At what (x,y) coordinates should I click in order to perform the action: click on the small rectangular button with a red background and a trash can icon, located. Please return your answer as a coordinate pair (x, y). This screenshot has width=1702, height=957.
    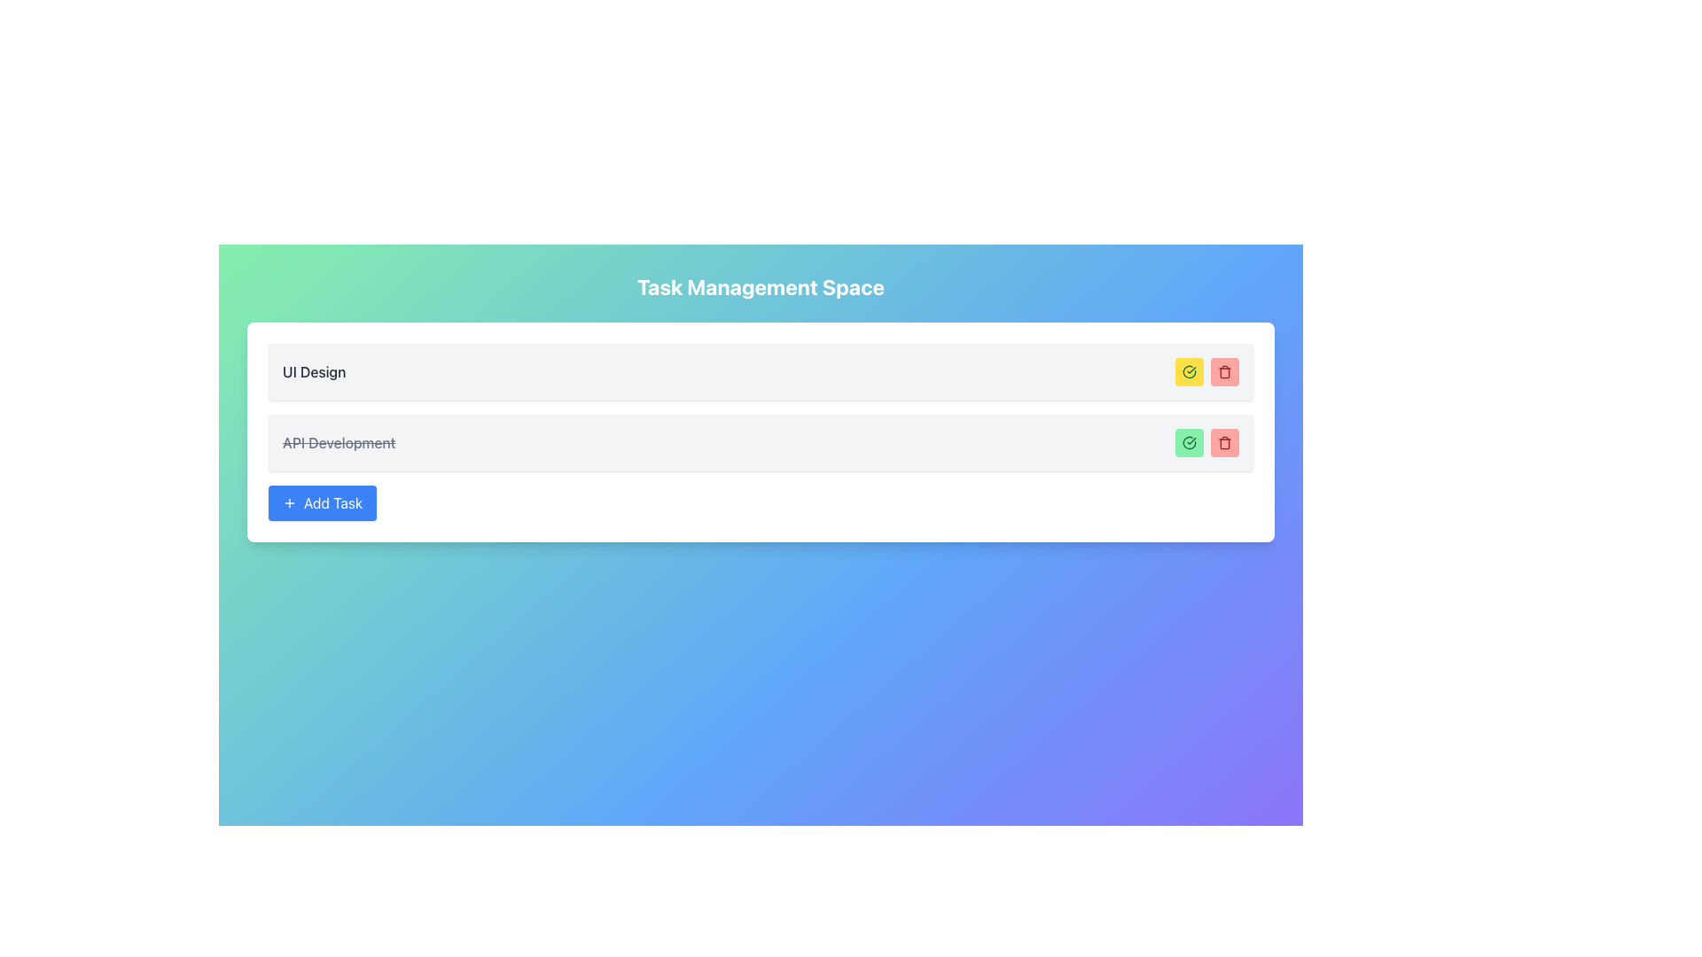
    Looking at the image, I should click on (1224, 371).